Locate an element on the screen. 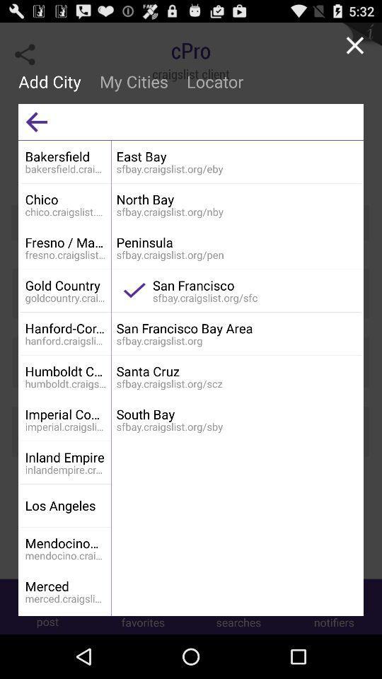 The image size is (382, 679). my cities item is located at coordinates (134, 81).